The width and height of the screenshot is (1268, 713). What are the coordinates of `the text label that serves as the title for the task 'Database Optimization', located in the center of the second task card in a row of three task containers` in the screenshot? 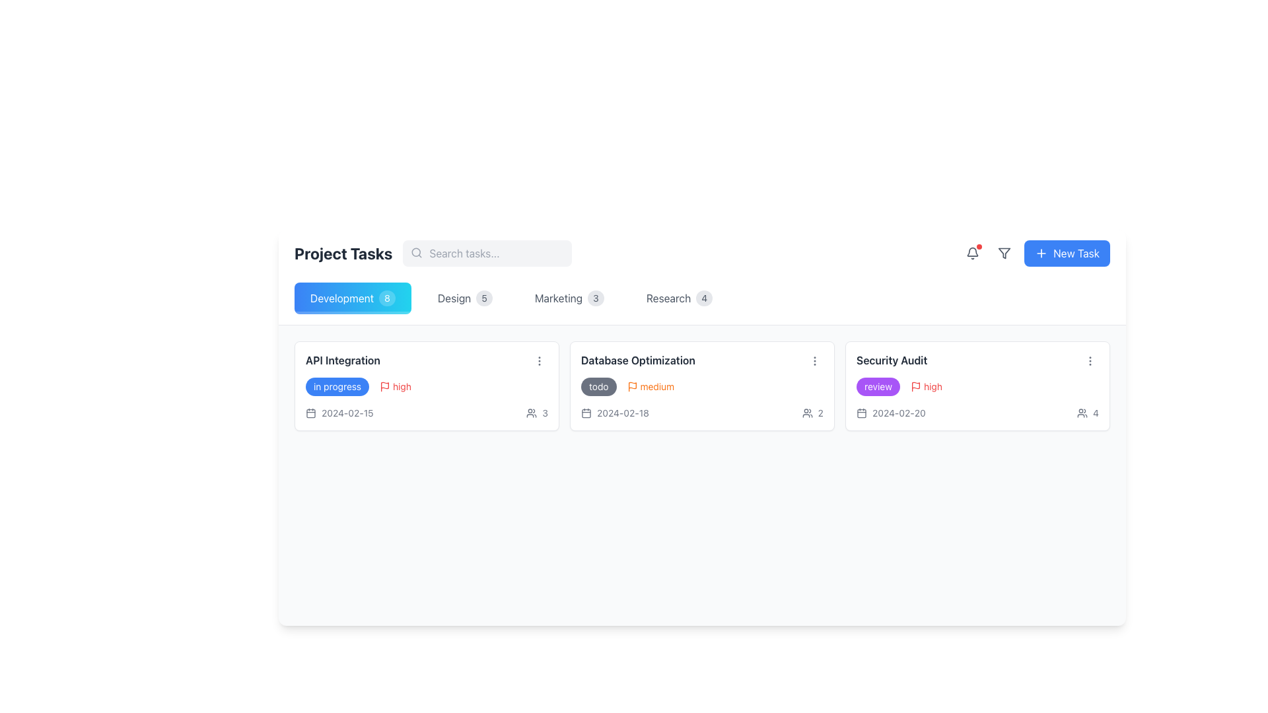 It's located at (638, 360).